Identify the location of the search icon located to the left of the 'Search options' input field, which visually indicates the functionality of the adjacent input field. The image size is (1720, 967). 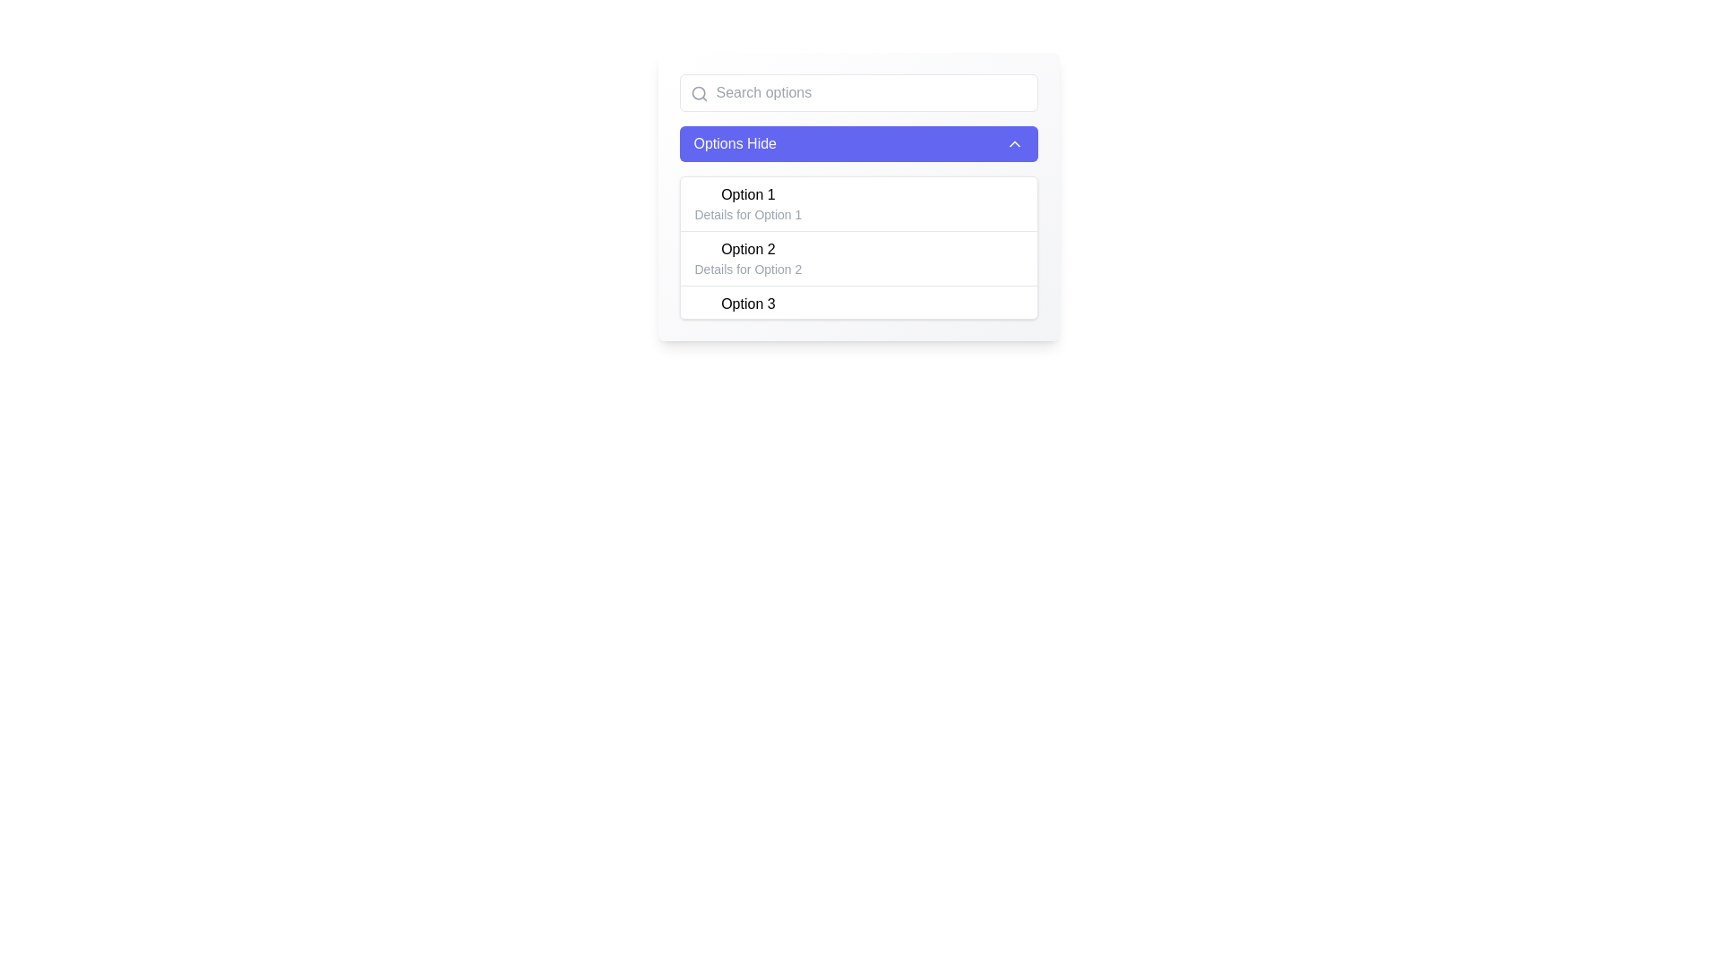
(698, 93).